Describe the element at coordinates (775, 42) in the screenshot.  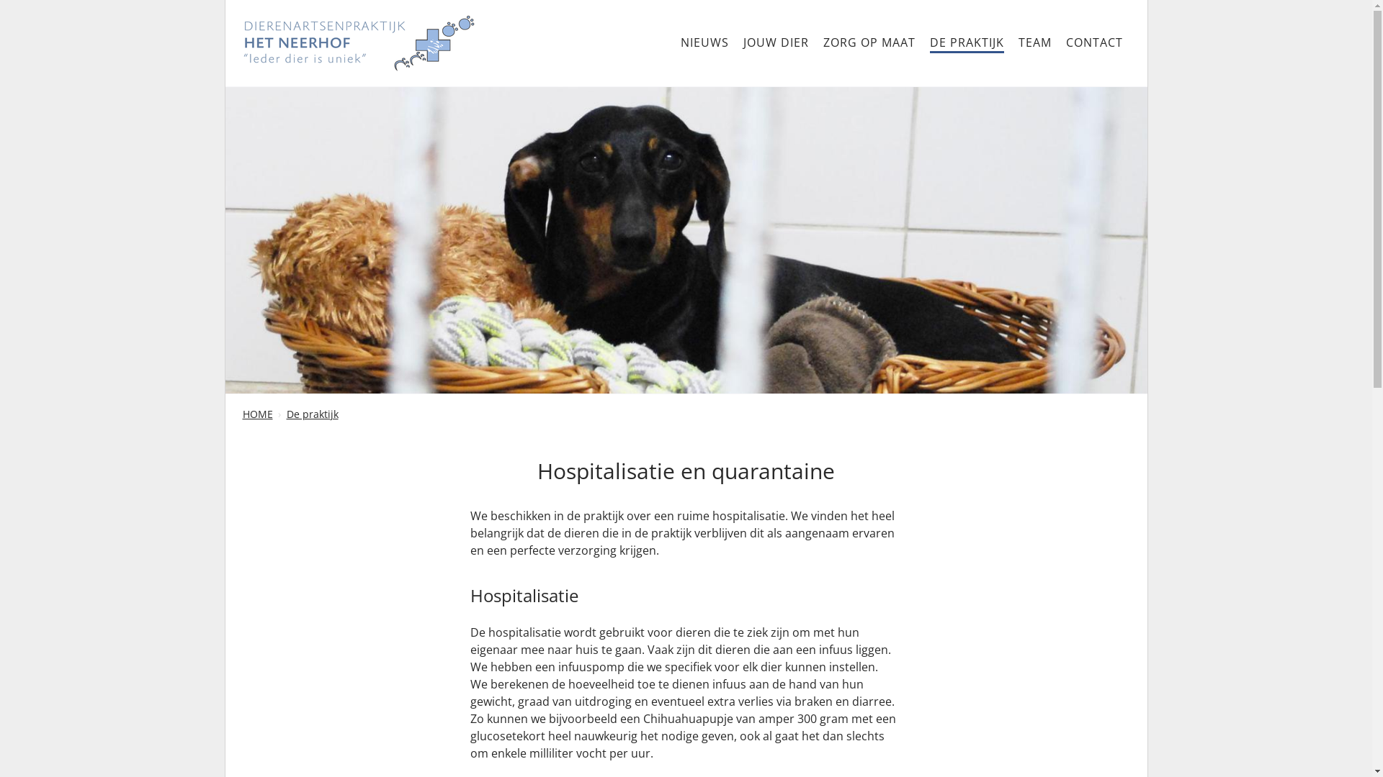
I see `'JOUW DIER'` at that location.